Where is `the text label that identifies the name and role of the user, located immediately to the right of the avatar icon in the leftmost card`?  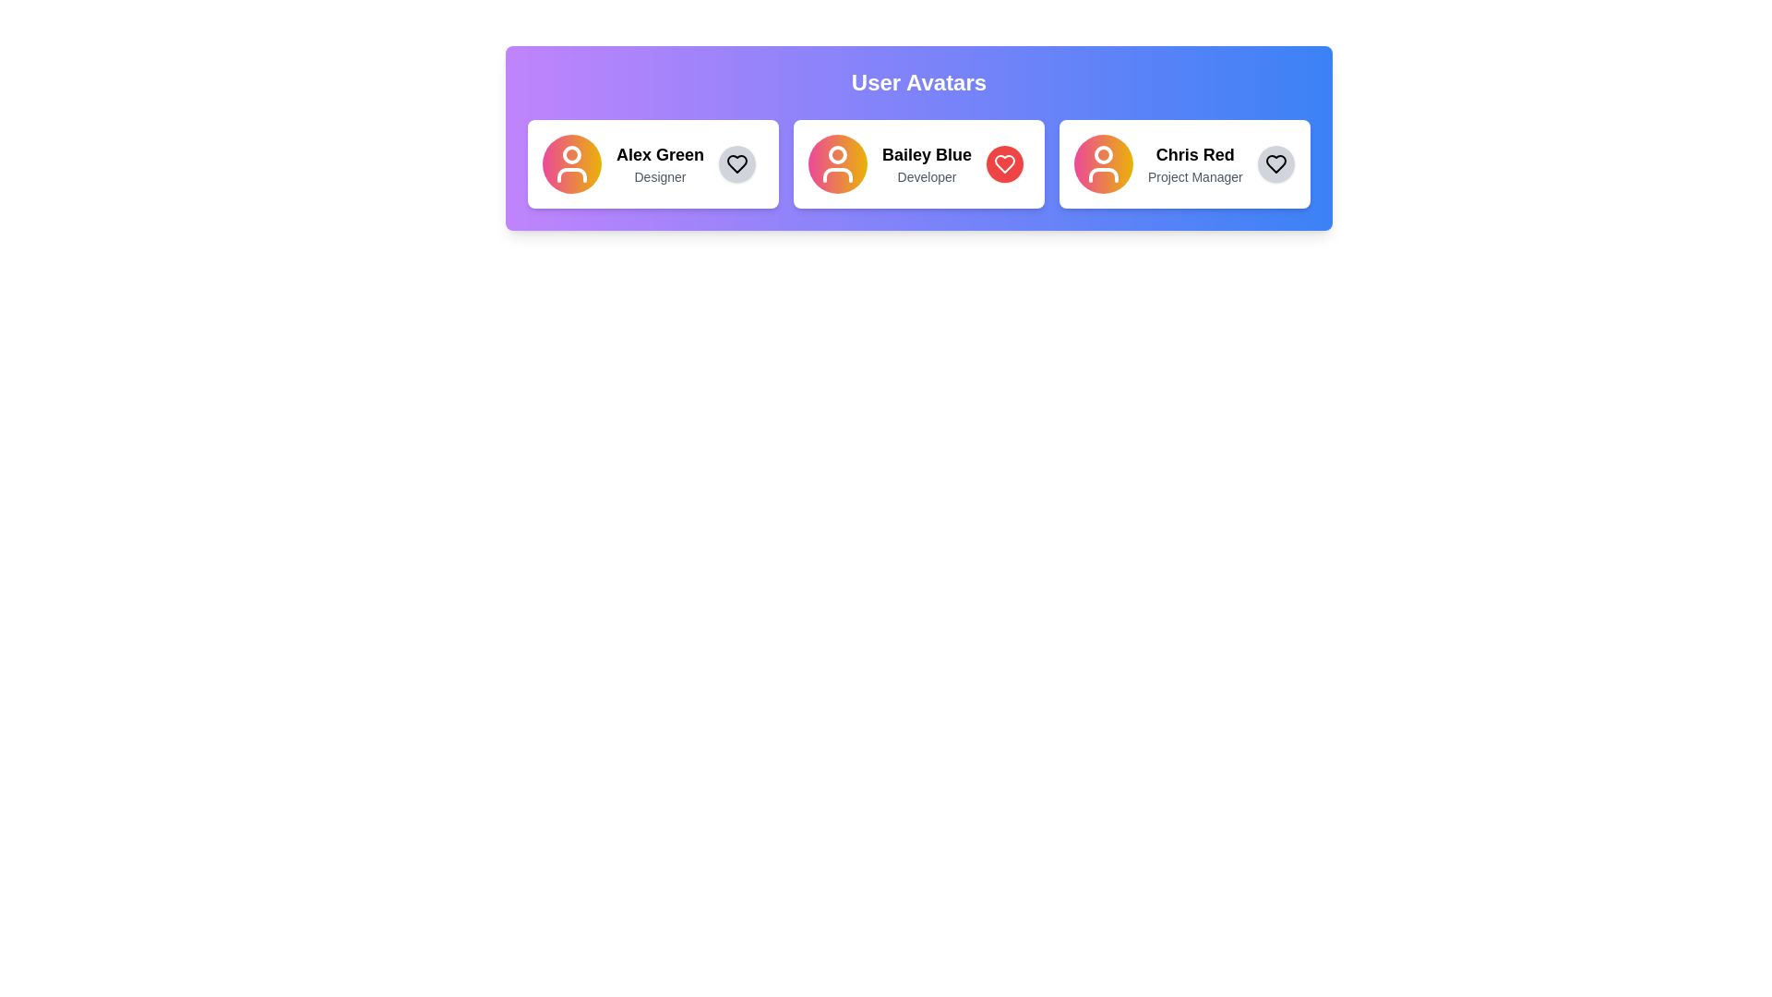 the text label that identifies the name and role of the user, located immediately to the right of the avatar icon in the leftmost card is located at coordinates (660, 162).